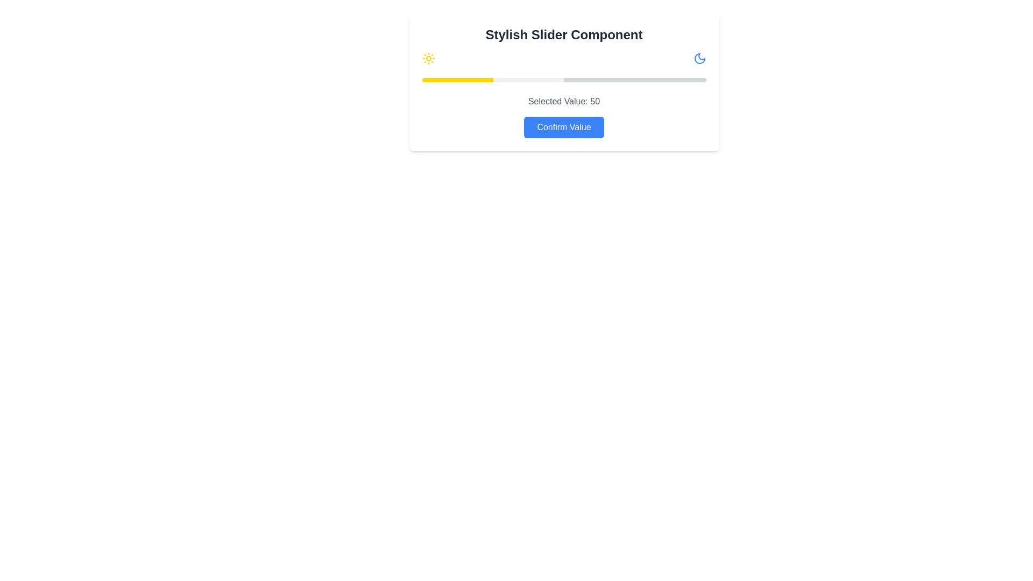  Describe the element at coordinates (563, 126) in the screenshot. I see `'Confirm Value' button to confirm the selected value` at that location.